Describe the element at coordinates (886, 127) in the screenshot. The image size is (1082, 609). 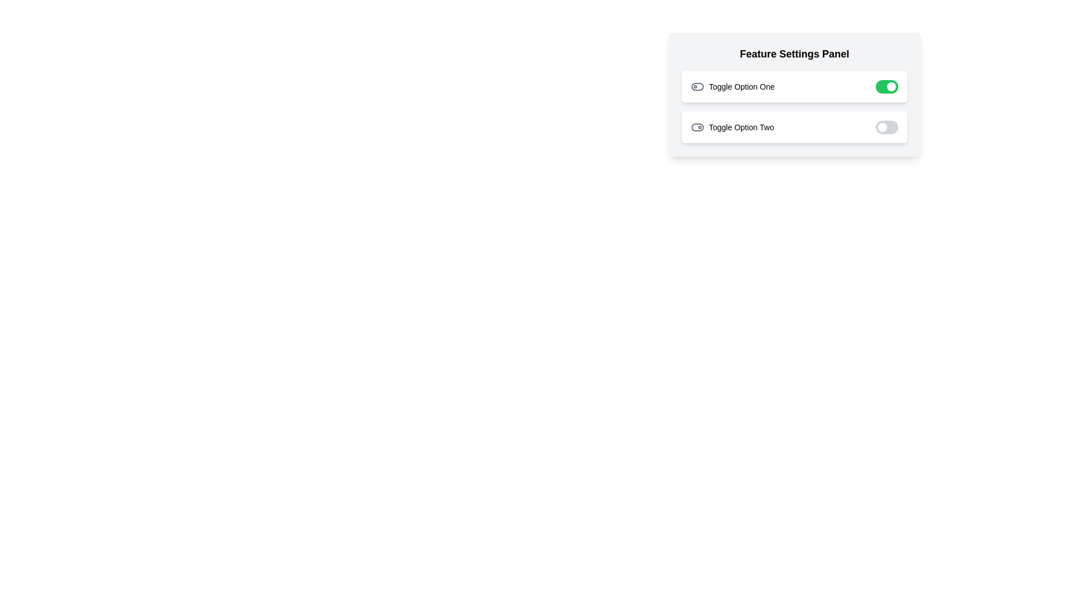
I see `the toggle switch for 'Toggle Option Two' in the 'Feature Settings Panel'` at that location.